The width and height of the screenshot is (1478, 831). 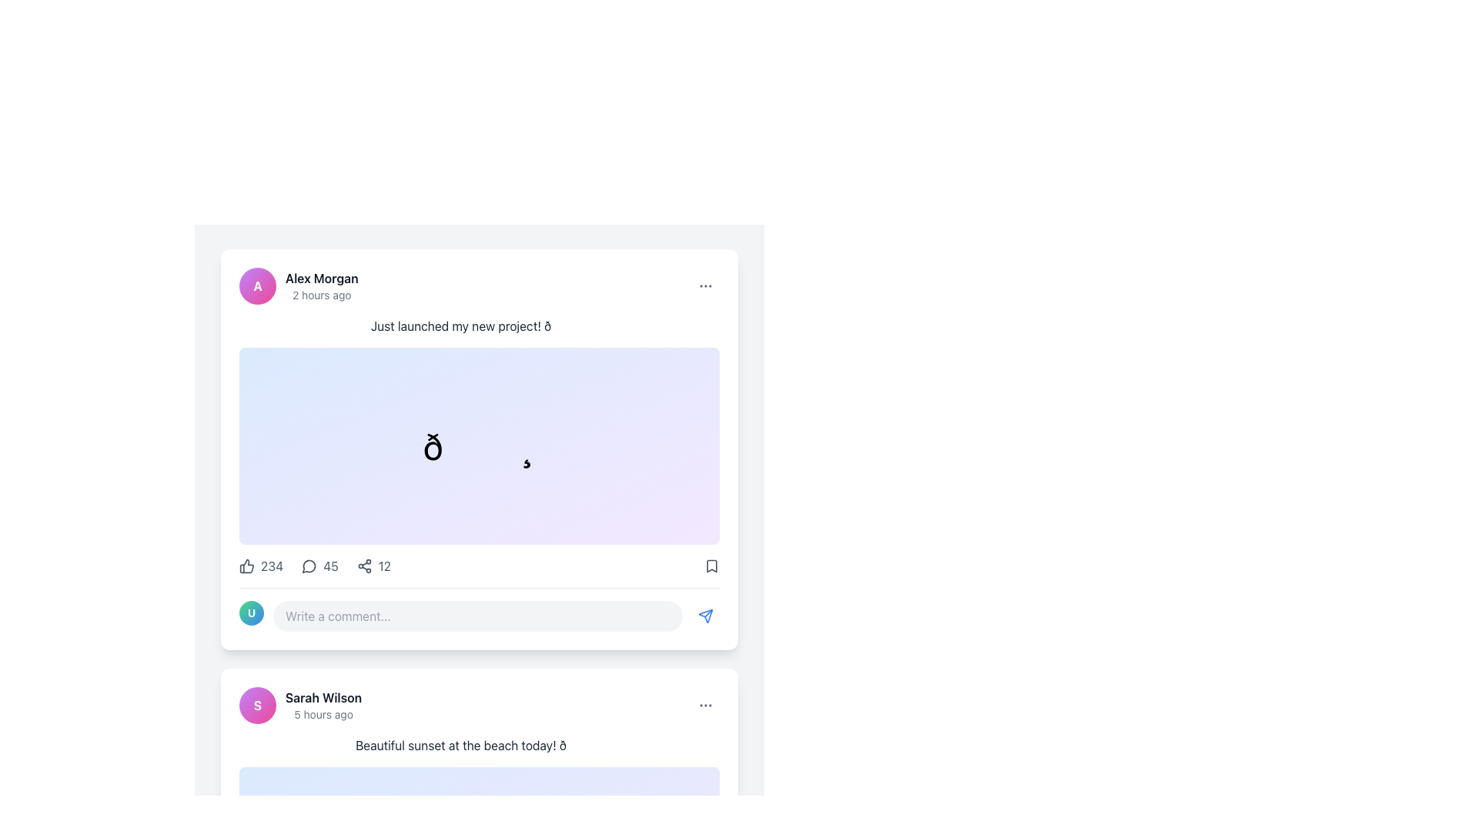 I want to click on the options menu trigger button located in the top-right corner of the post card, so click(x=704, y=285).